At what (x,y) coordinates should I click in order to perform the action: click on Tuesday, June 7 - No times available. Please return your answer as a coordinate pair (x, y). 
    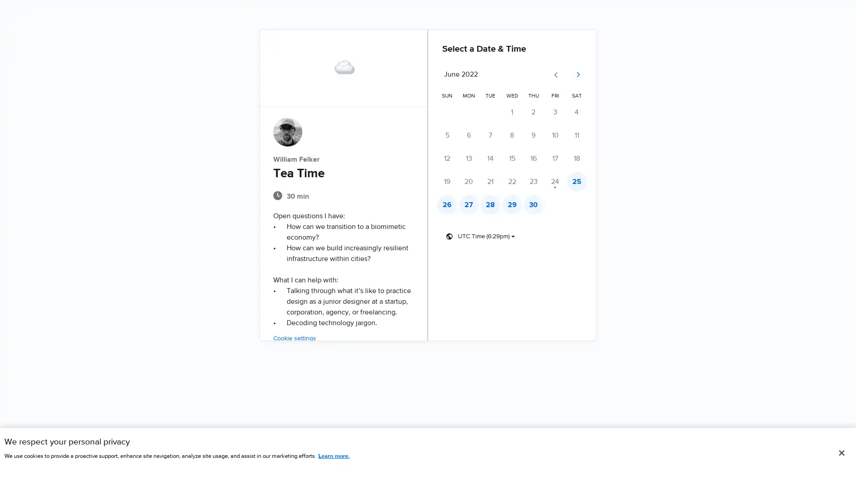
    Looking at the image, I should click on (493, 135).